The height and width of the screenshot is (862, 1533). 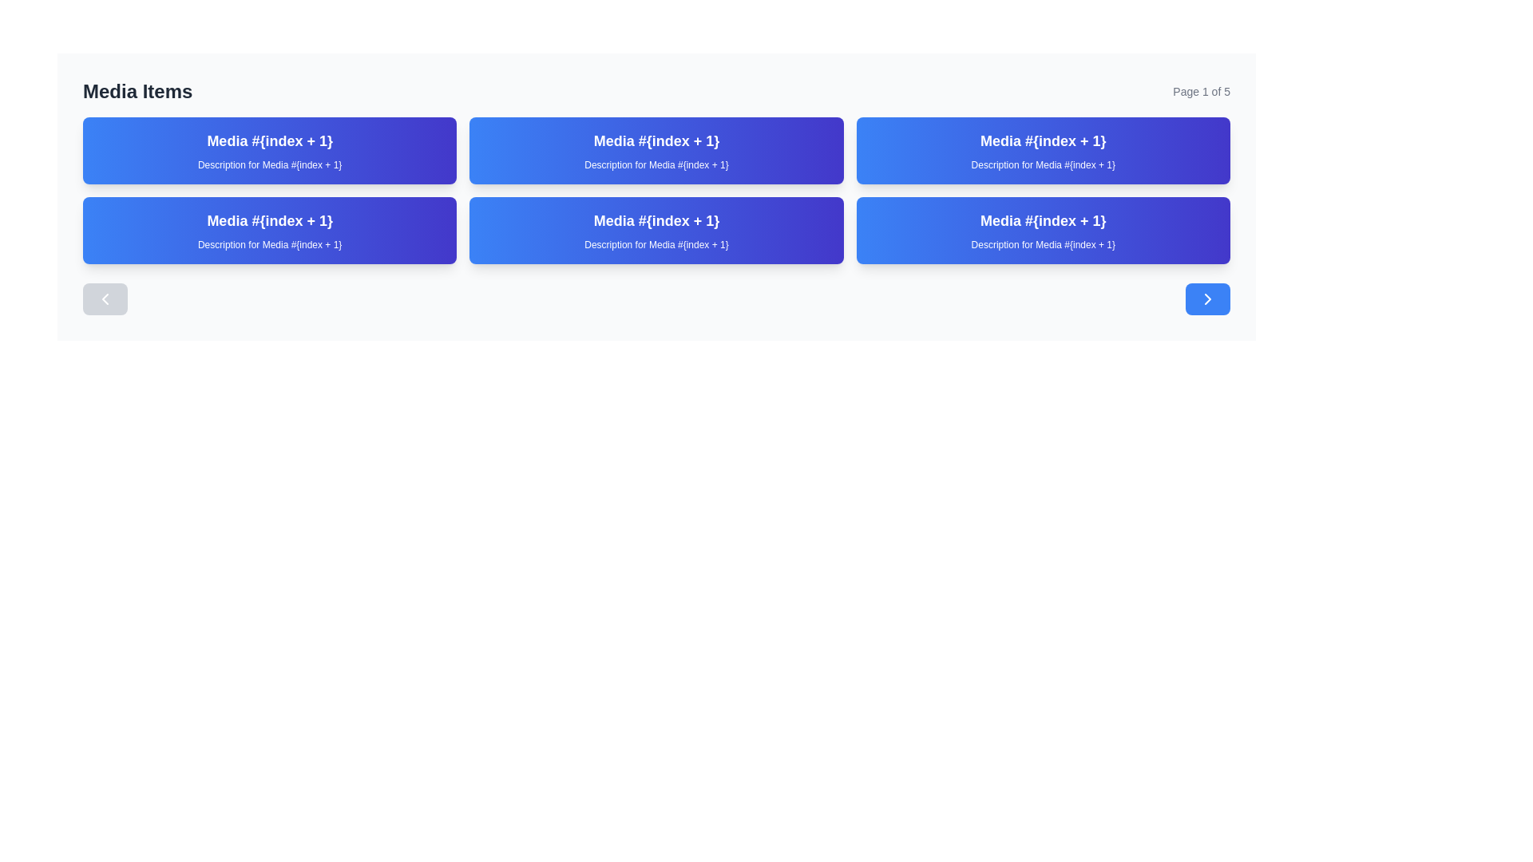 I want to click on the static text label that serves as the title or identifier of the media item, located in the second row, first column of the grid, so click(x=270, y=221).